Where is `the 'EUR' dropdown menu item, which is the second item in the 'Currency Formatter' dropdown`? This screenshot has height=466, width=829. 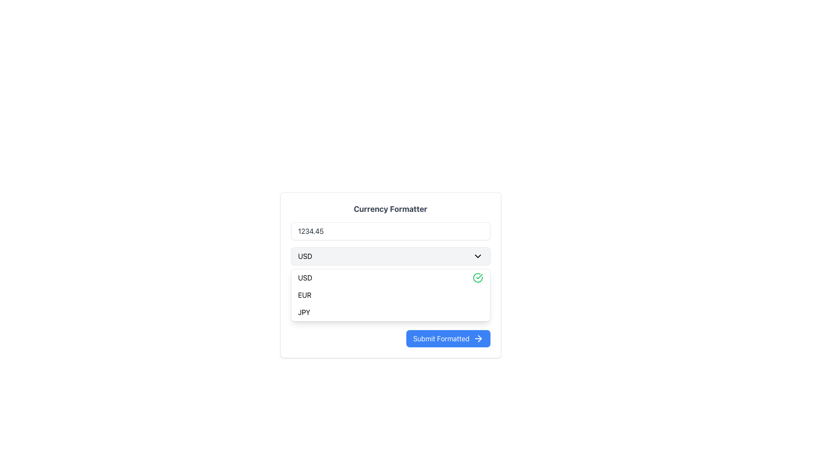 the 'EUR' dropdown menu item, which is the second item in the 'Currency Formatter' dropdown is located at coordinates (390, 294).